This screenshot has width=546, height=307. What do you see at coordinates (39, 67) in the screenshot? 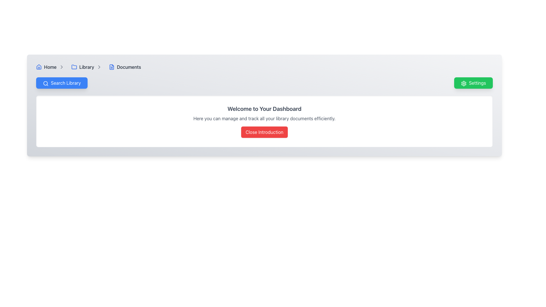
I see `the 'Home' icon located at the far left of the navigation bar` at bounding box center [39, 67].